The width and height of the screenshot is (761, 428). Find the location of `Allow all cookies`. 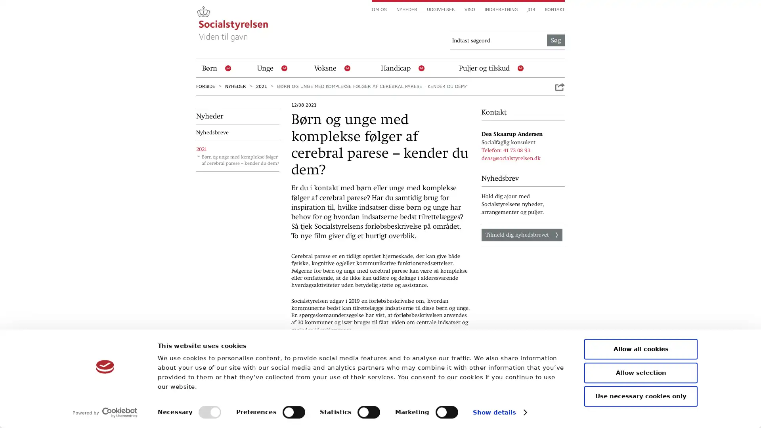

Allow all cookies is located at coordinates (641, 348).